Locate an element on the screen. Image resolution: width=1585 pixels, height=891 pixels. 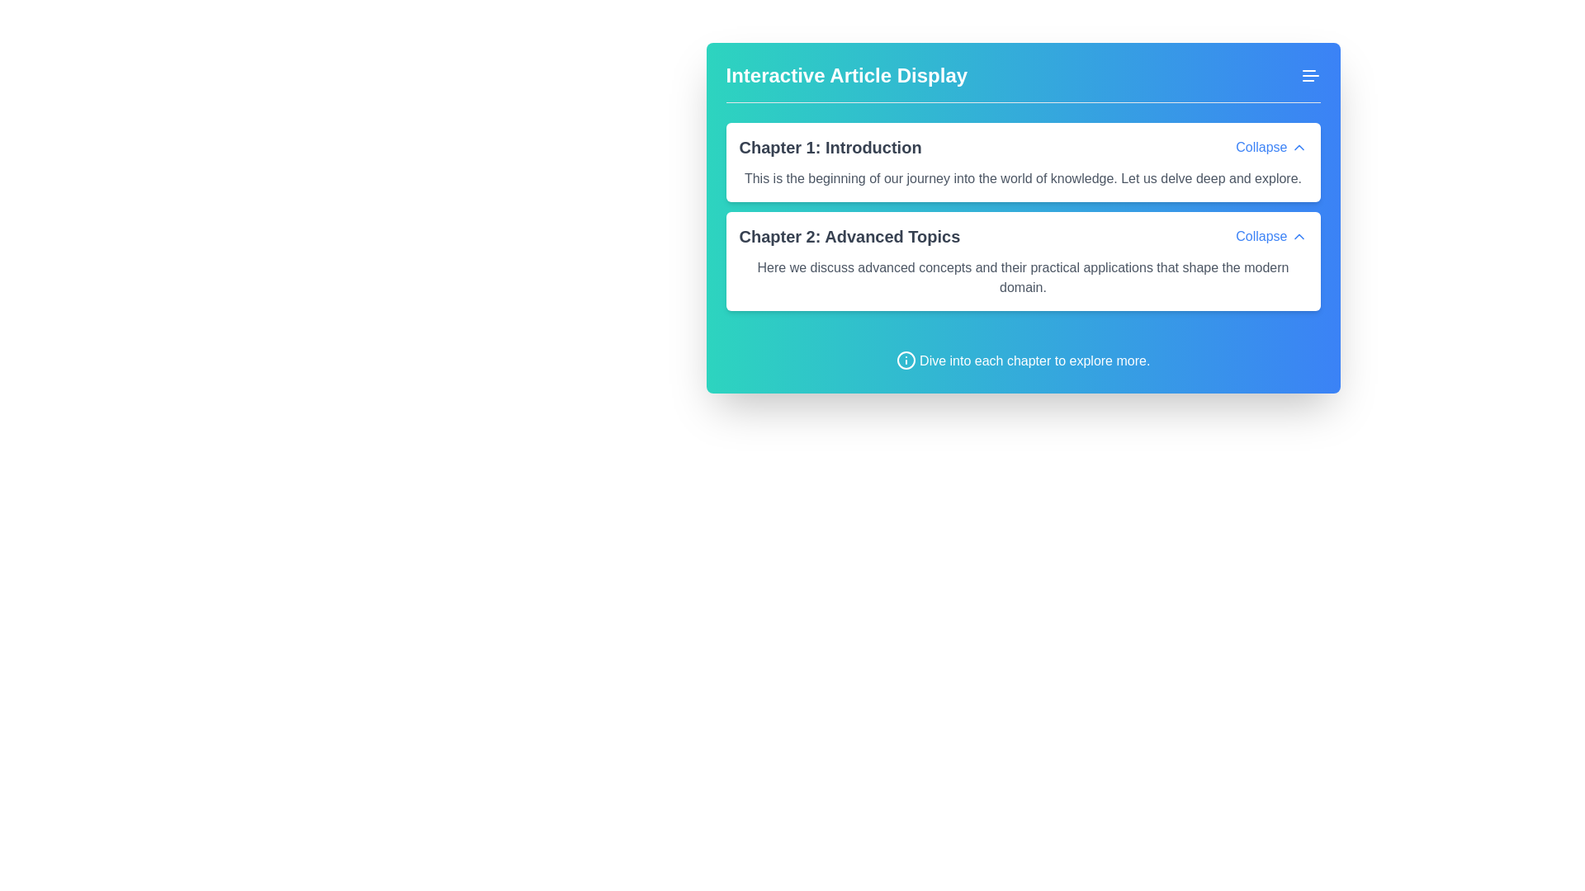
the informational text block that contains the message 'Dive into each chapter is located at coordinates (1022, 351).